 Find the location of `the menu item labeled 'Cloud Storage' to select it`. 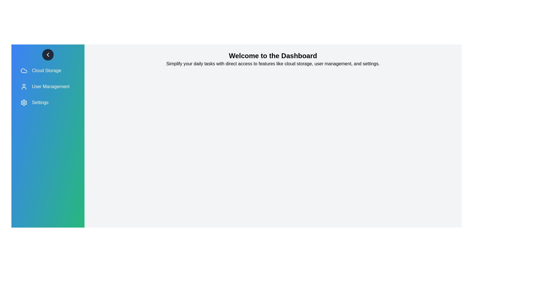

the menu item labeled 'Cloud Storage' to select it is located at coordinates (48, 70).